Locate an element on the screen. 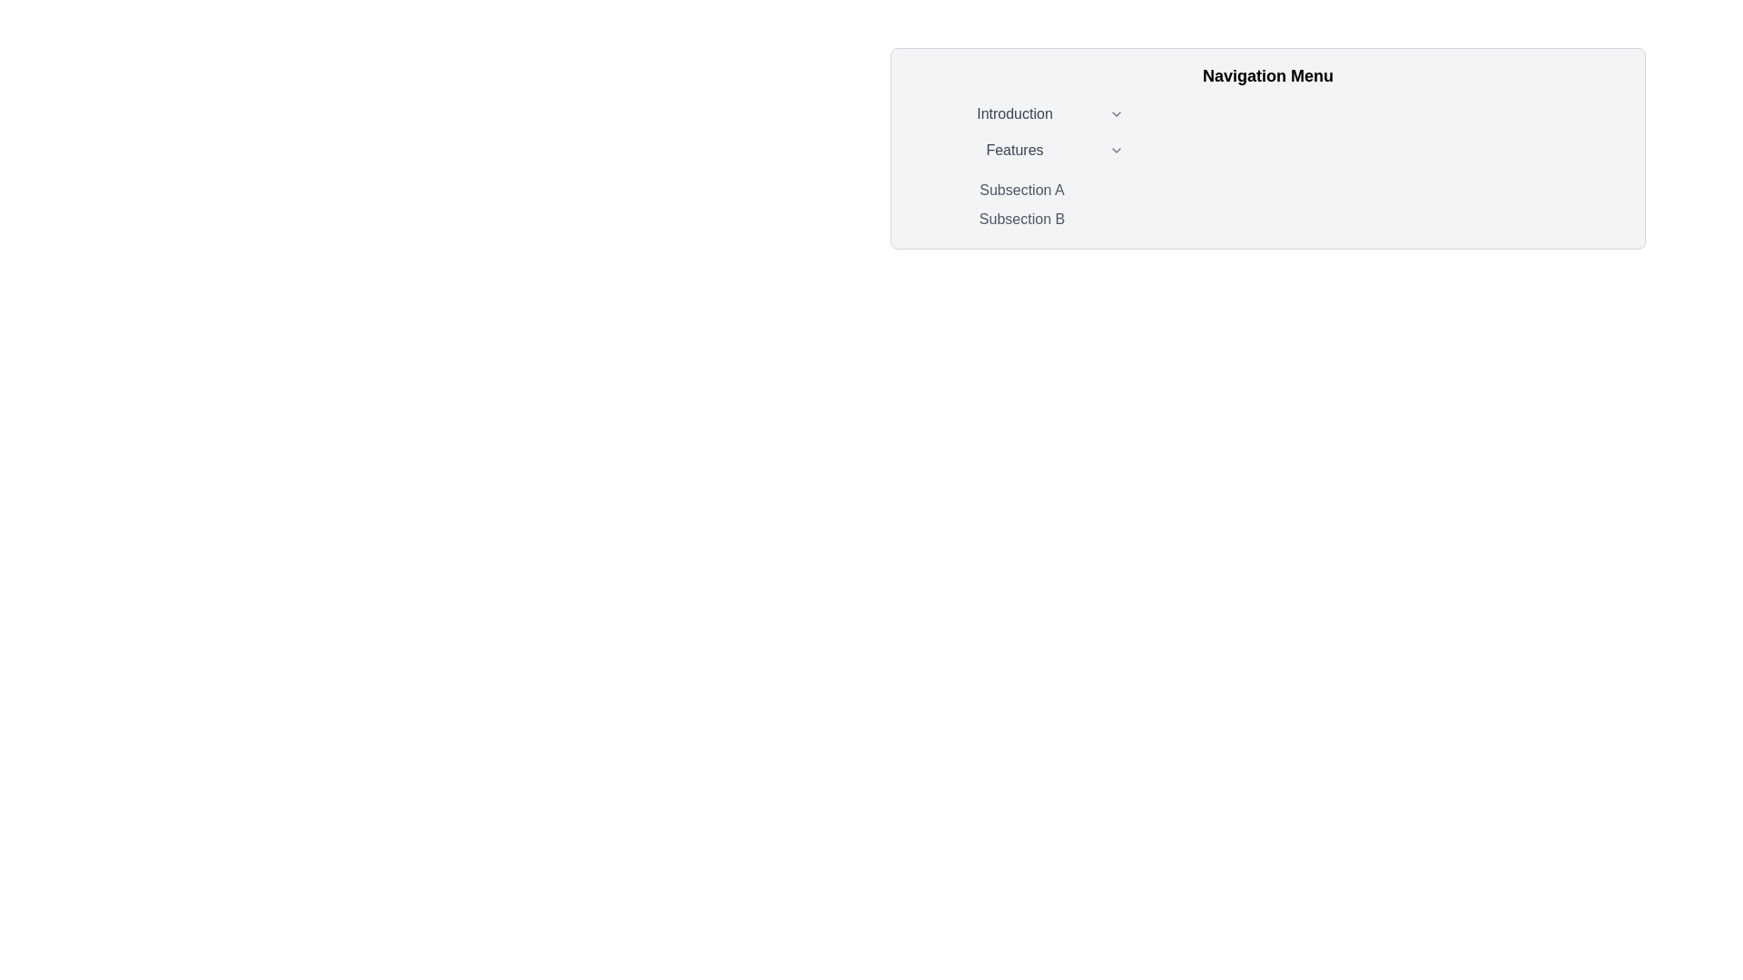  text content of the static text label displaying 'Features', which is centrally aligned within its menu section is located at coordinates (1014, 149).